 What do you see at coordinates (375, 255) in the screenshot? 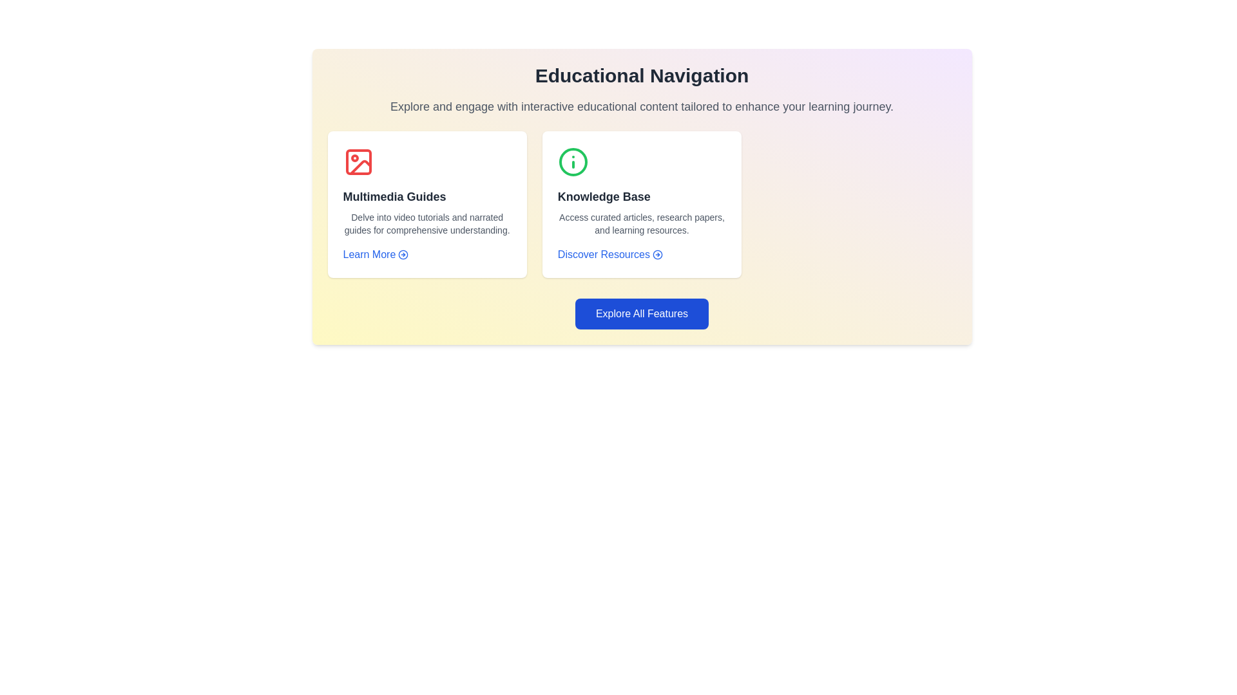
I see `the hyperlink with text and icon located at the bottom of the 'Multimedia Guides' card` at bounding box center [375, 255].